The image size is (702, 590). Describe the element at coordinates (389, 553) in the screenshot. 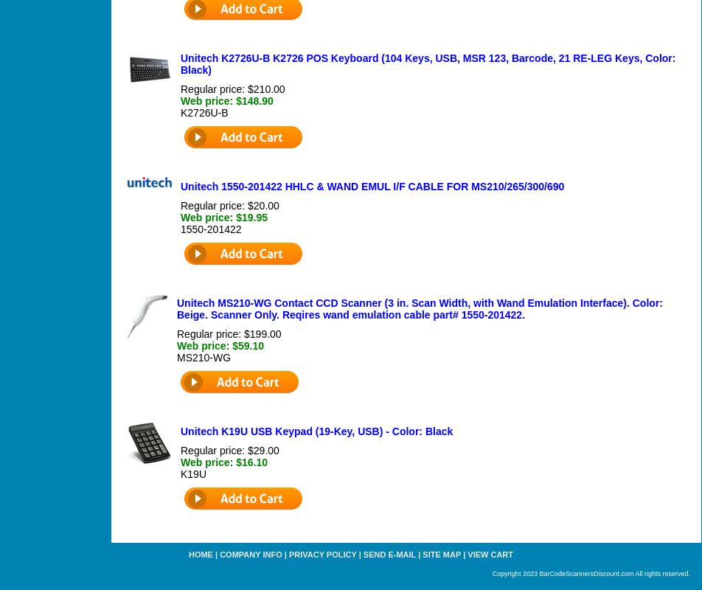

I see `'Send e-Mail'` at that location.